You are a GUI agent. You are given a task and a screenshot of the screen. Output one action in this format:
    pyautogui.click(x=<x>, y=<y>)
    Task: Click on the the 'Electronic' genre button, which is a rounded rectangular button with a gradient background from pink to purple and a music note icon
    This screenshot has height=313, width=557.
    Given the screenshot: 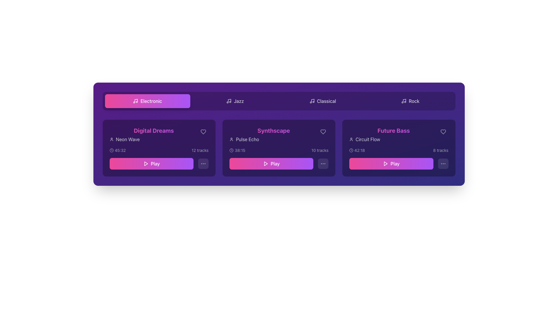 What is the action you would take?
    pyautogui.click(x=147, y=101)
    